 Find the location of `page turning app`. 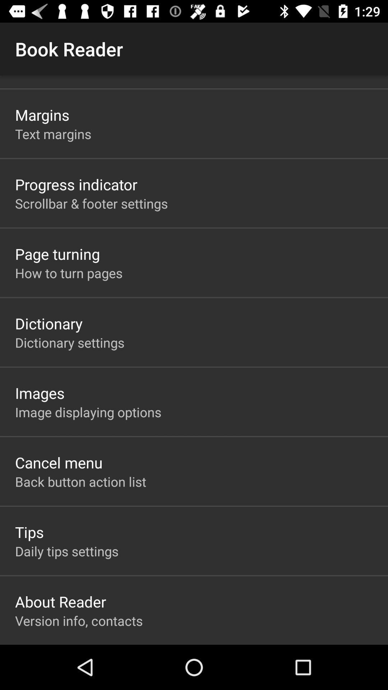

page turning app is located at coordinates (57, 254).